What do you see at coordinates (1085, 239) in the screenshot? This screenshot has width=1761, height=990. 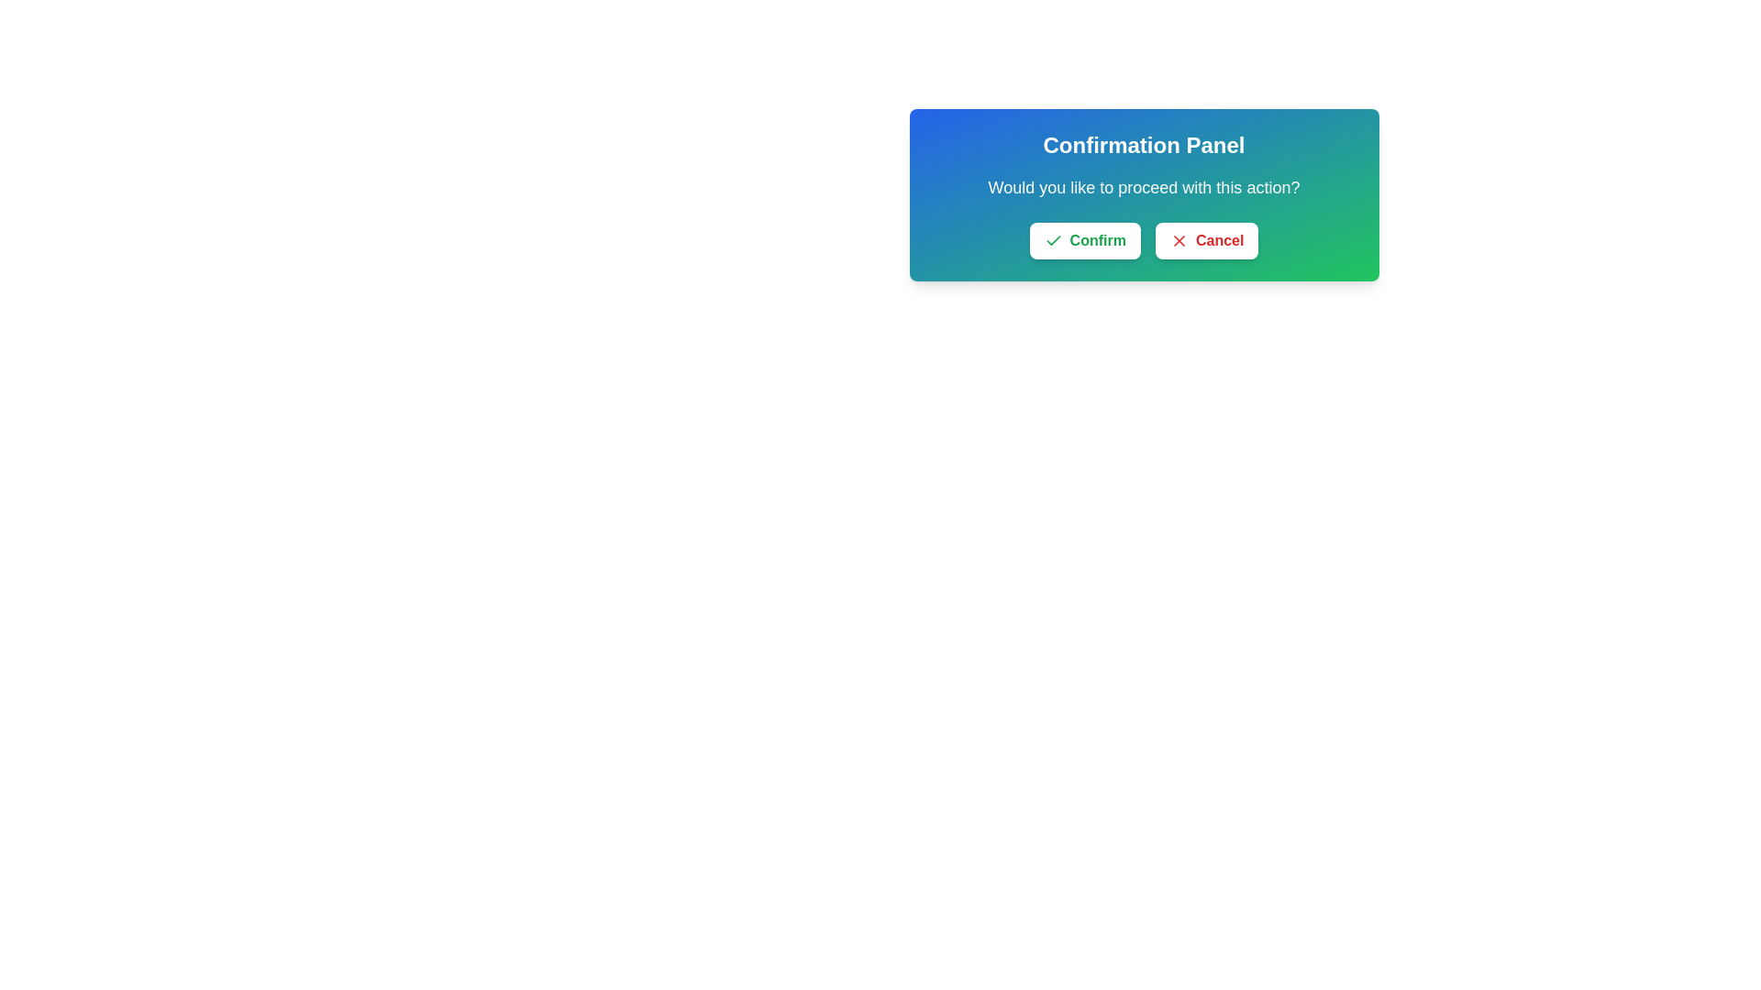 I see `the confirmation button, which is the first button from the left in a group of two buttons` at bounding box center [1085, 239].